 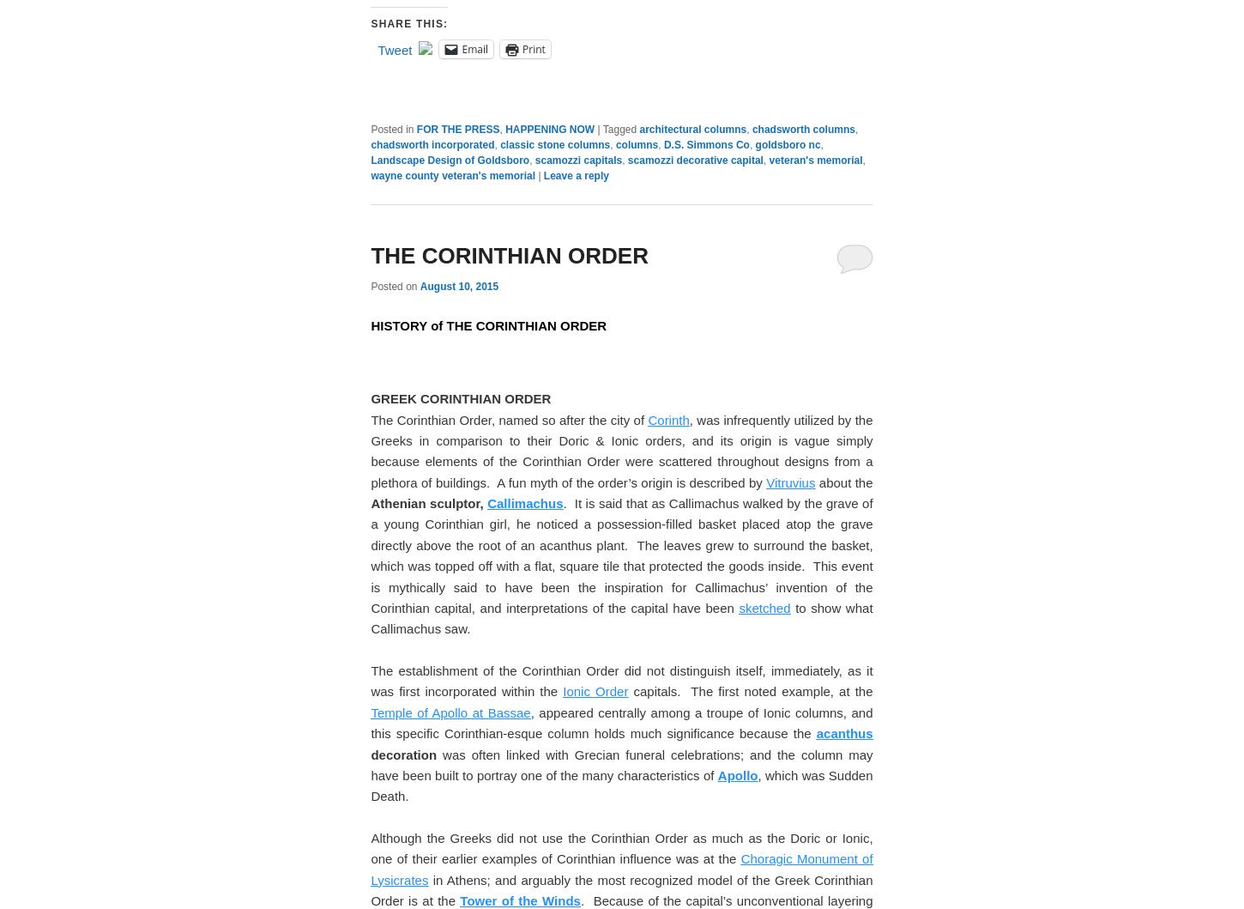 What do you see at coordinates (495, 185) in the screenshot?
I see `'14″ x 12′'` at bounding box center [495, 185].